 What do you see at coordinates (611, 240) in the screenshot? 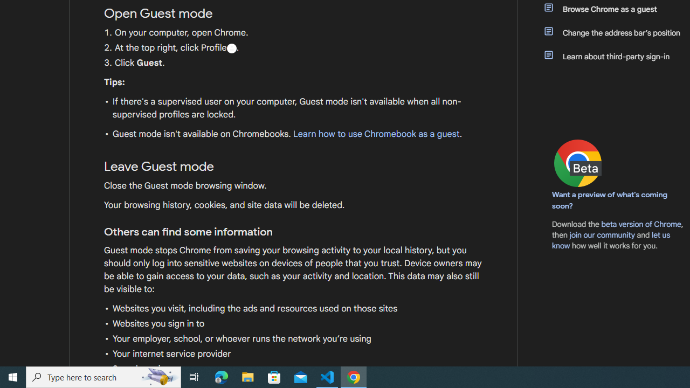
I see `'let us know'` at bounding box center [611, 240].